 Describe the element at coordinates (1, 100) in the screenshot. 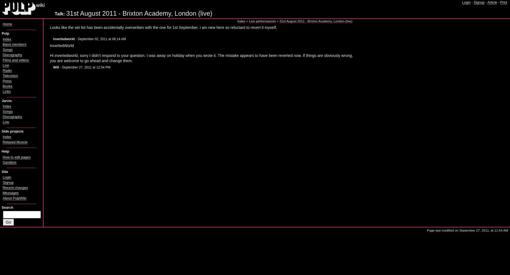

I see `'Jarvis'` at that location.